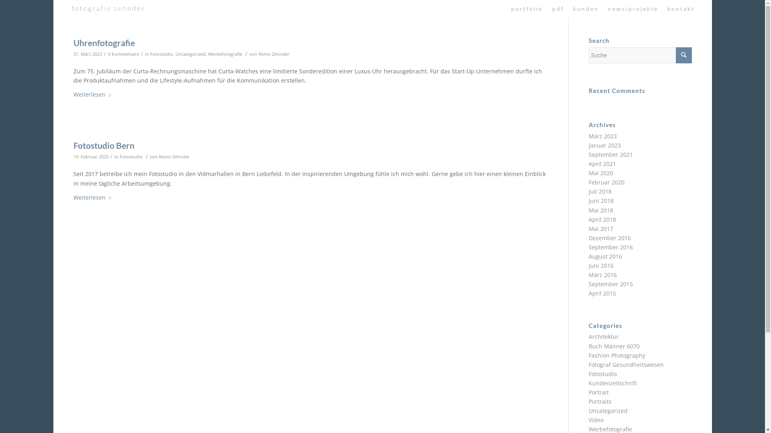  What do you see at coordinates (588, 237) in the screenshot?
I see `'Dezember 2016'` at bounding box center [588, 237].